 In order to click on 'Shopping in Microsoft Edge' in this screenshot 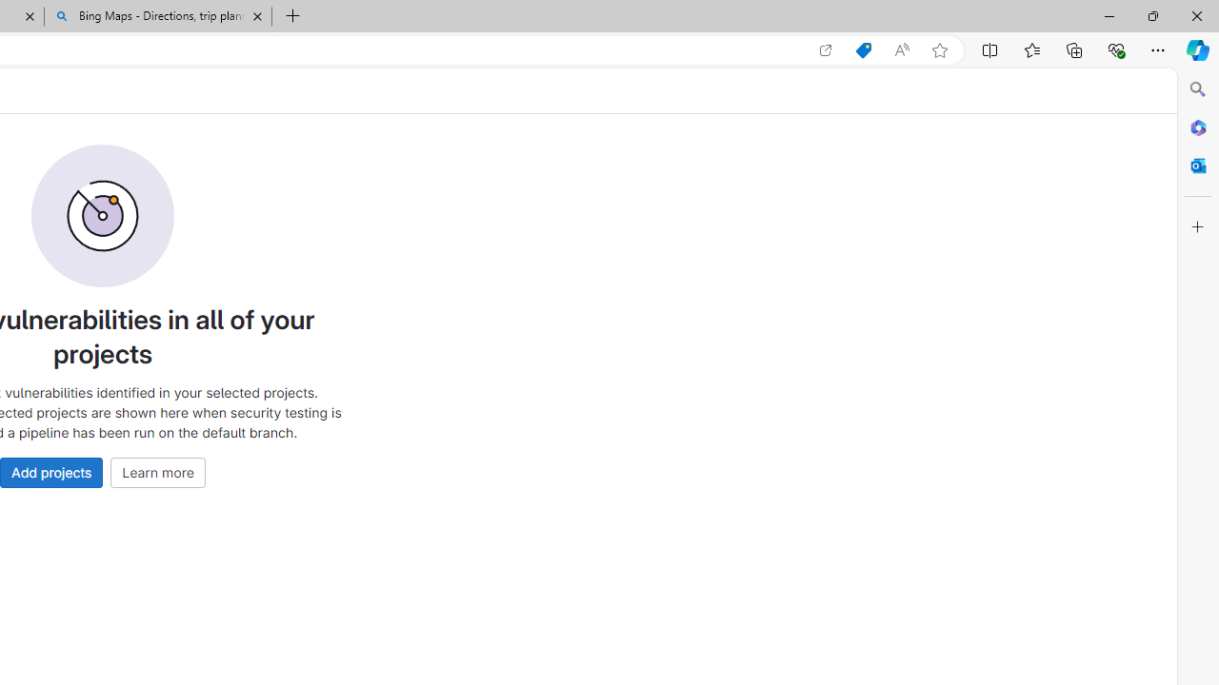, I will do `click(862, 49)`.